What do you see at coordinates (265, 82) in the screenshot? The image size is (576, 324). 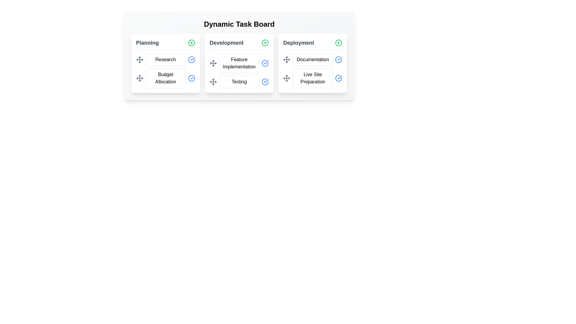 I see `'CheckCircle' icon next to the task 'Testing' to mark it as complete` at bounding box center [265, 82].